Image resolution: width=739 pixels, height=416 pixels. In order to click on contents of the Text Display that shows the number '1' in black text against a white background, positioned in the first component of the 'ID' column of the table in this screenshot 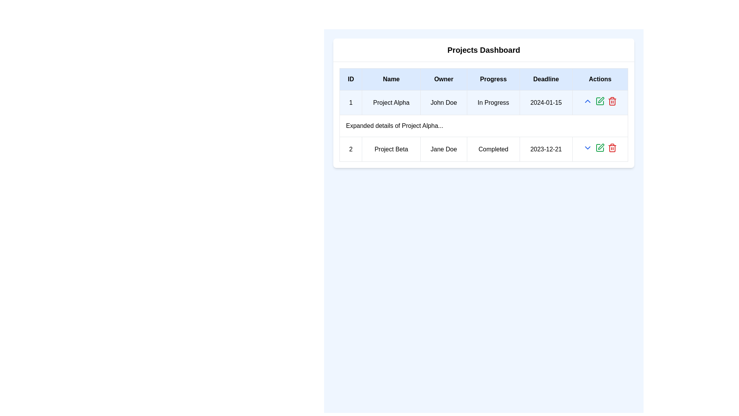, I will do `click(350, 102)`.